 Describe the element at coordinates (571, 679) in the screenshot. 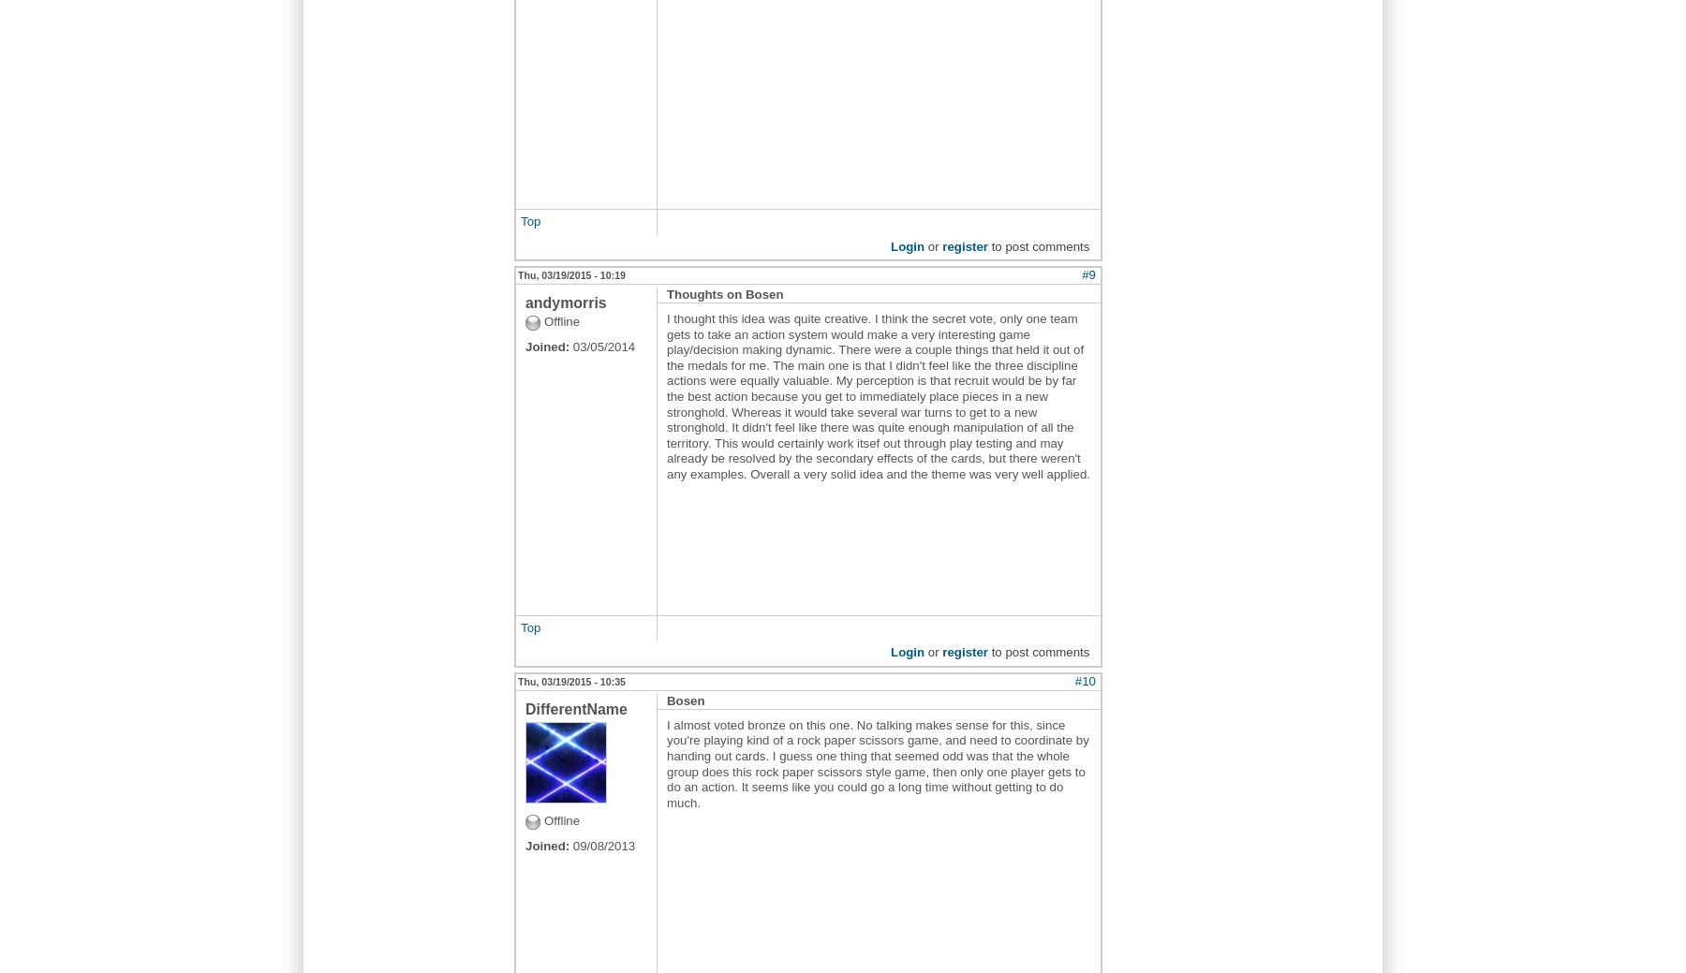

I see `'Thu, 03/19/2015 - 10:35'` at that location.